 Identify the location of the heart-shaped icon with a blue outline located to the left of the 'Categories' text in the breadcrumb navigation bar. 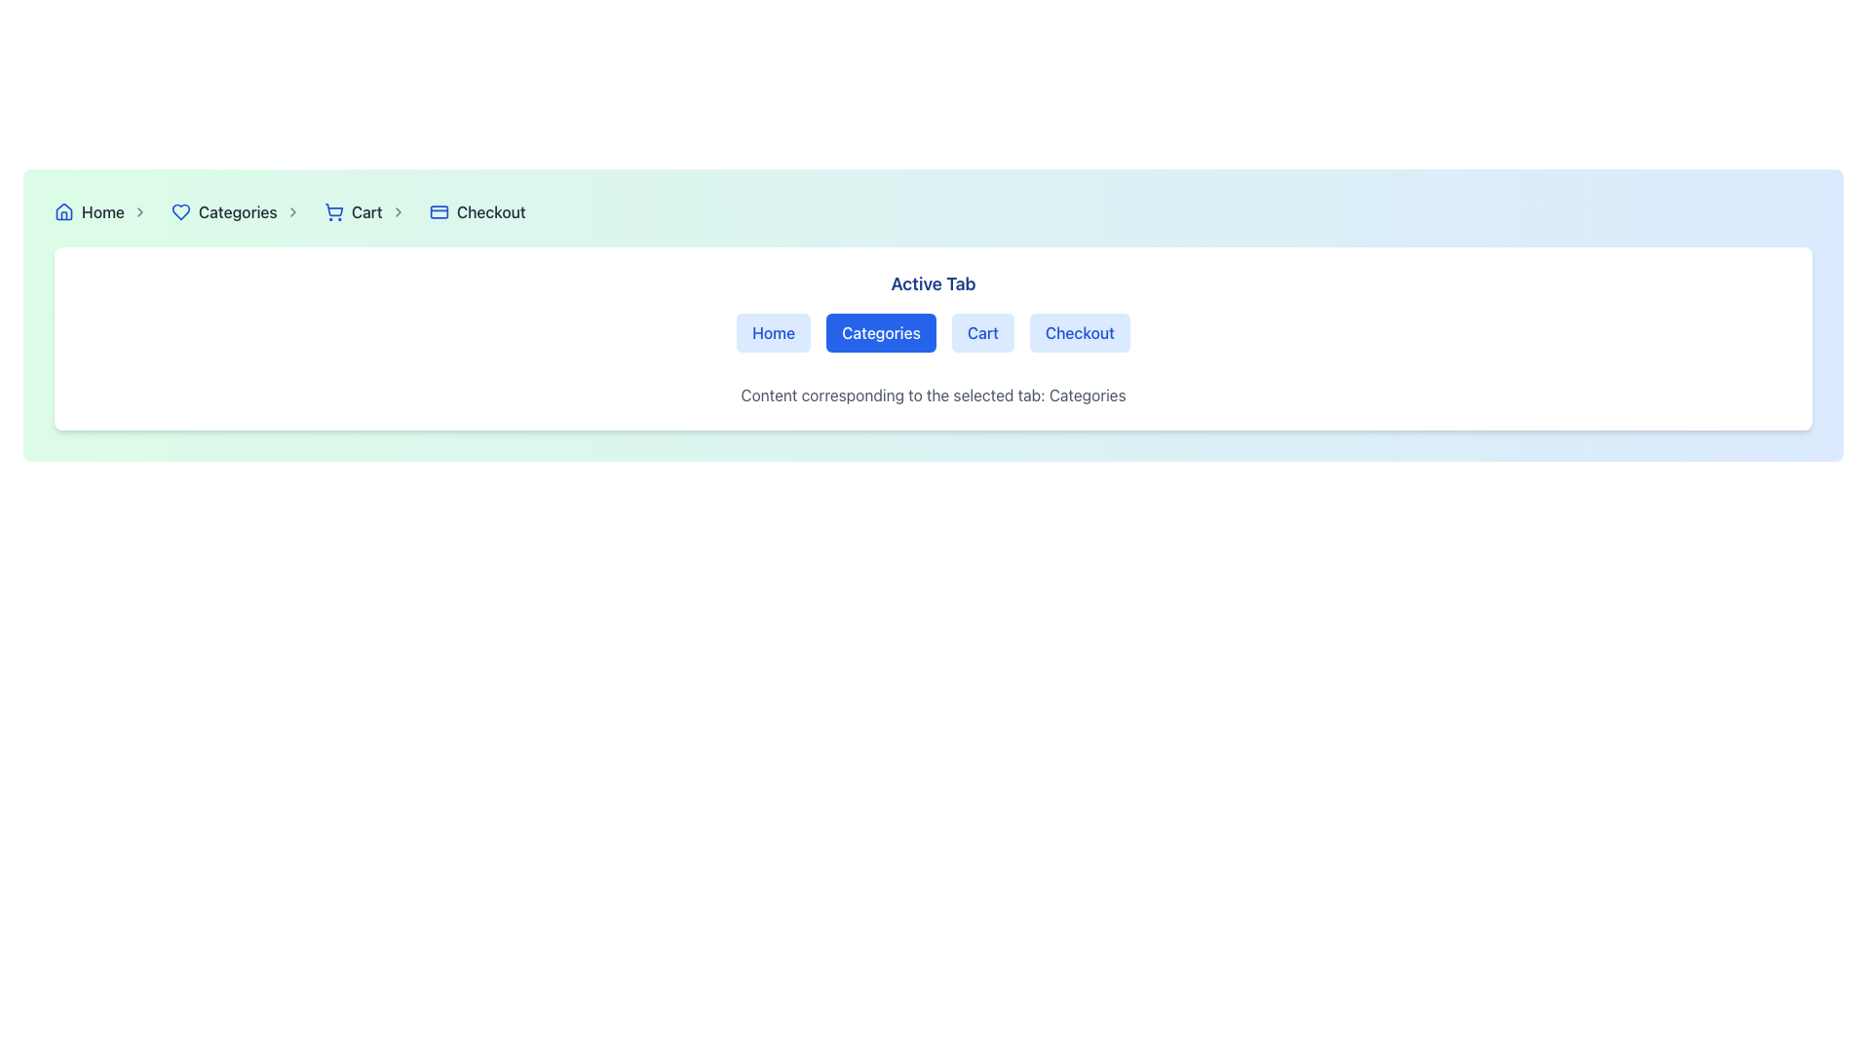
(181, 212).